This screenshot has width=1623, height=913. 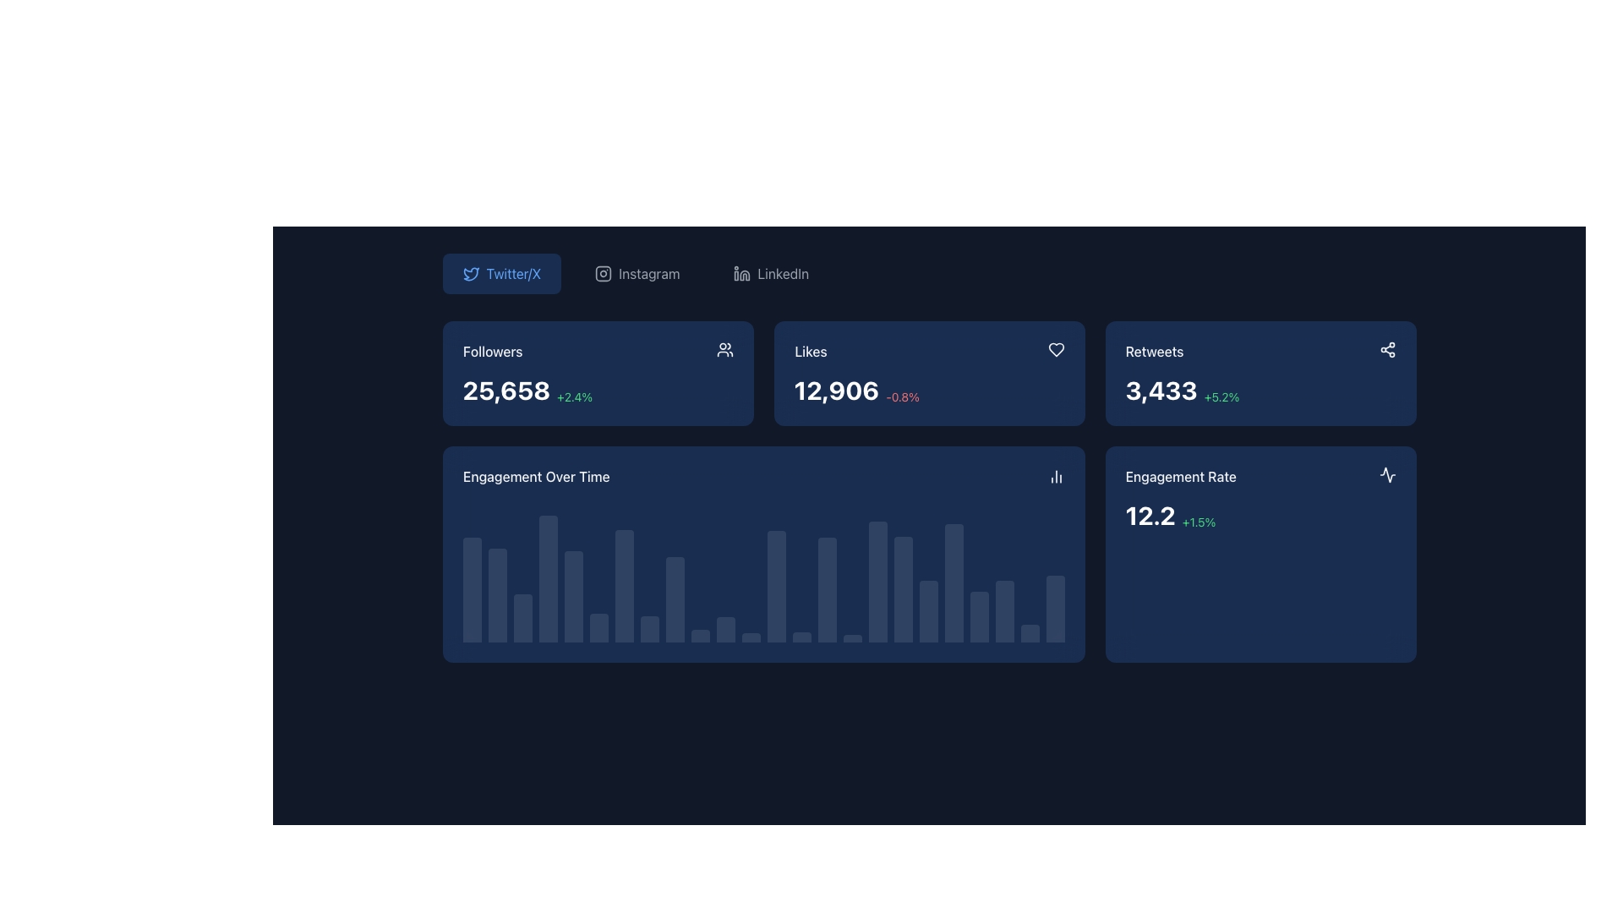 I want to click on the 20th bar from the left in the 'Engagement Over Time' bar chart, so click(x=954, y=582).